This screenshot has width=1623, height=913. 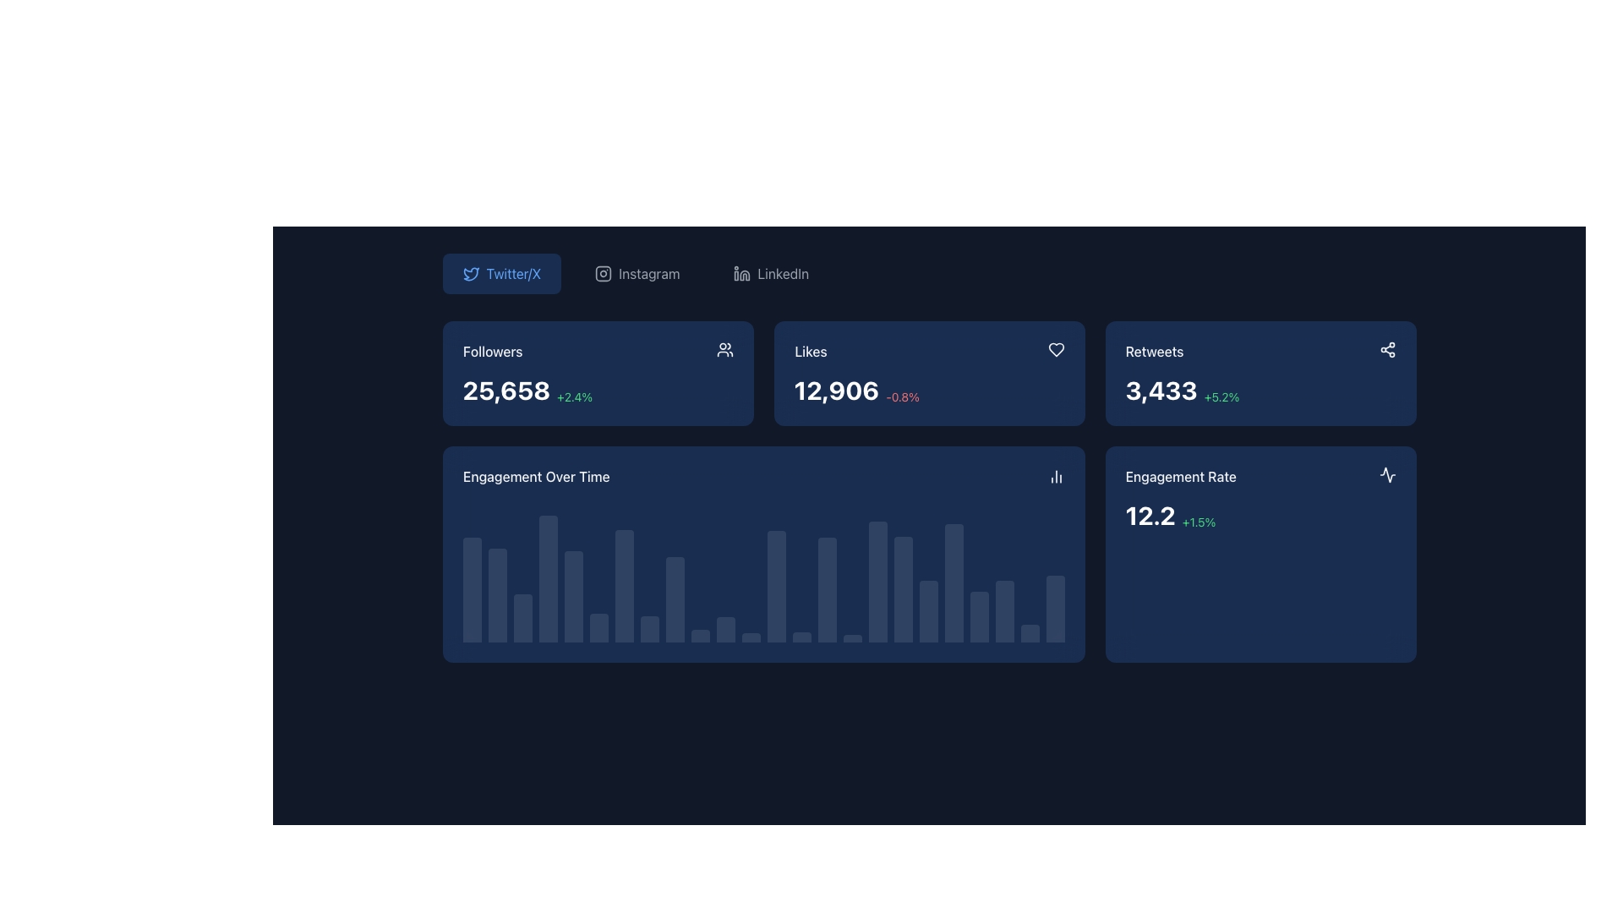 I want to click on the 20th bar from the left in the 'Engagement Over Time' bar chart, so click(x=954, y=582).